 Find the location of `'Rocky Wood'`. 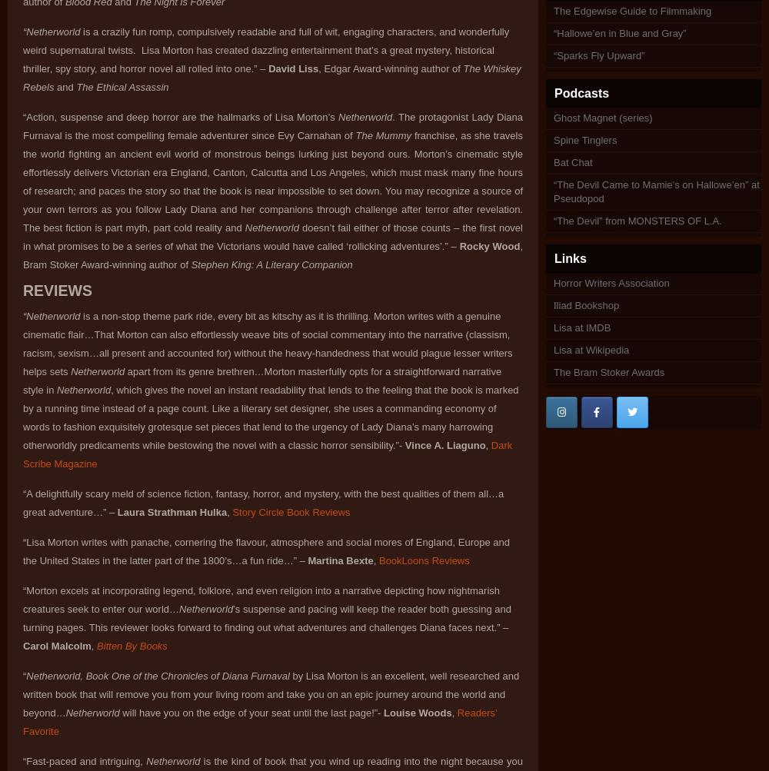

'Rocky Wood' is located at coordinates (489, 245).